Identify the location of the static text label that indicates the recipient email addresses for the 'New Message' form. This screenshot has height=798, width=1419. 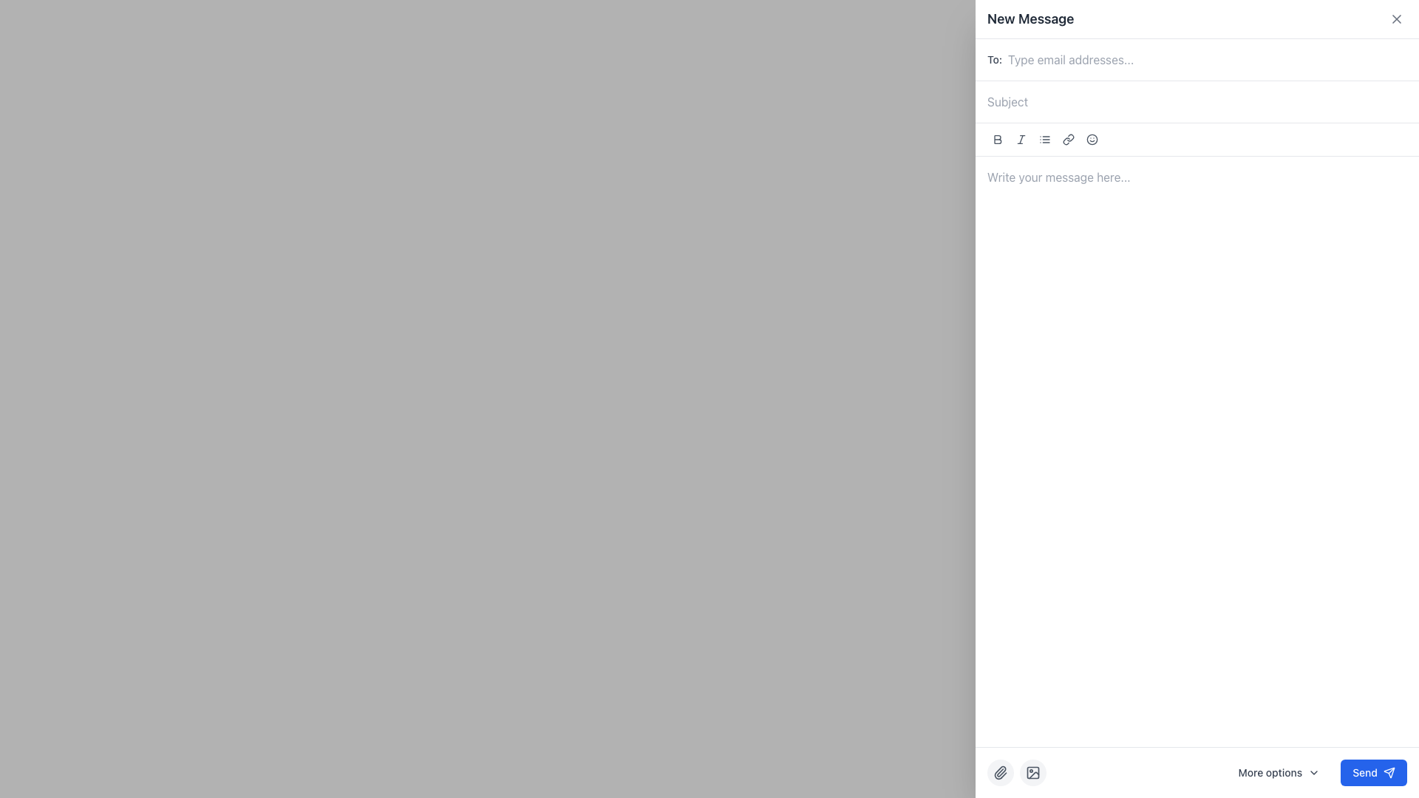
(994, 59).